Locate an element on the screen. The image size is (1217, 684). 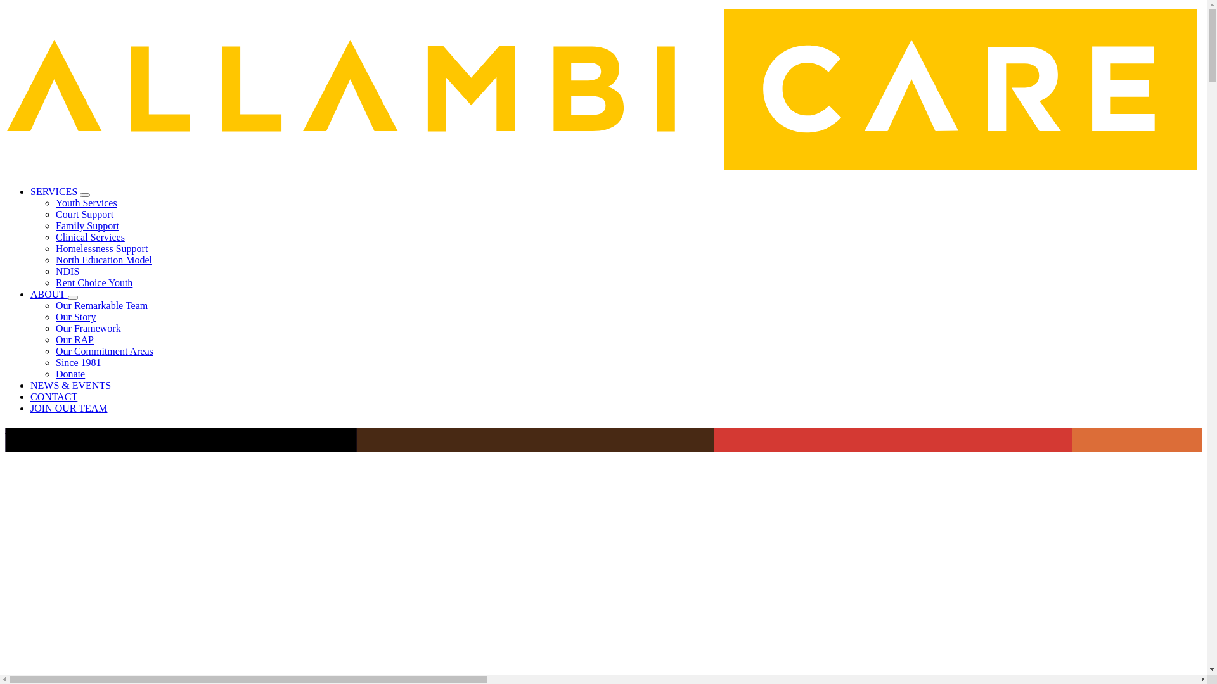
'Our Framework' is located at coordinates (87, 327).